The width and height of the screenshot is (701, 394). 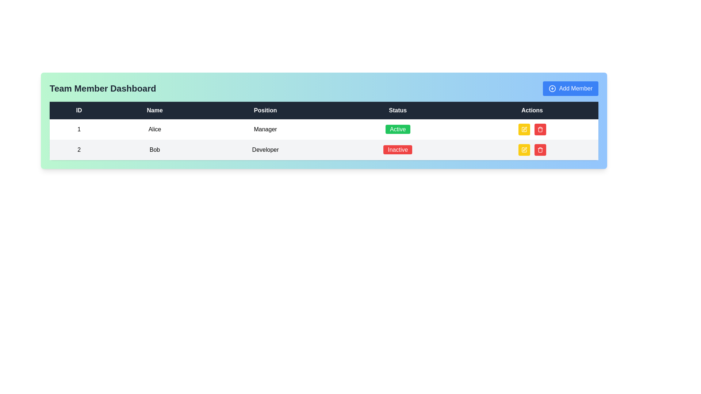 I want to click on the yellow rounded square icon button in the 'Actions' column of the second row, so click(x=524, y=150).